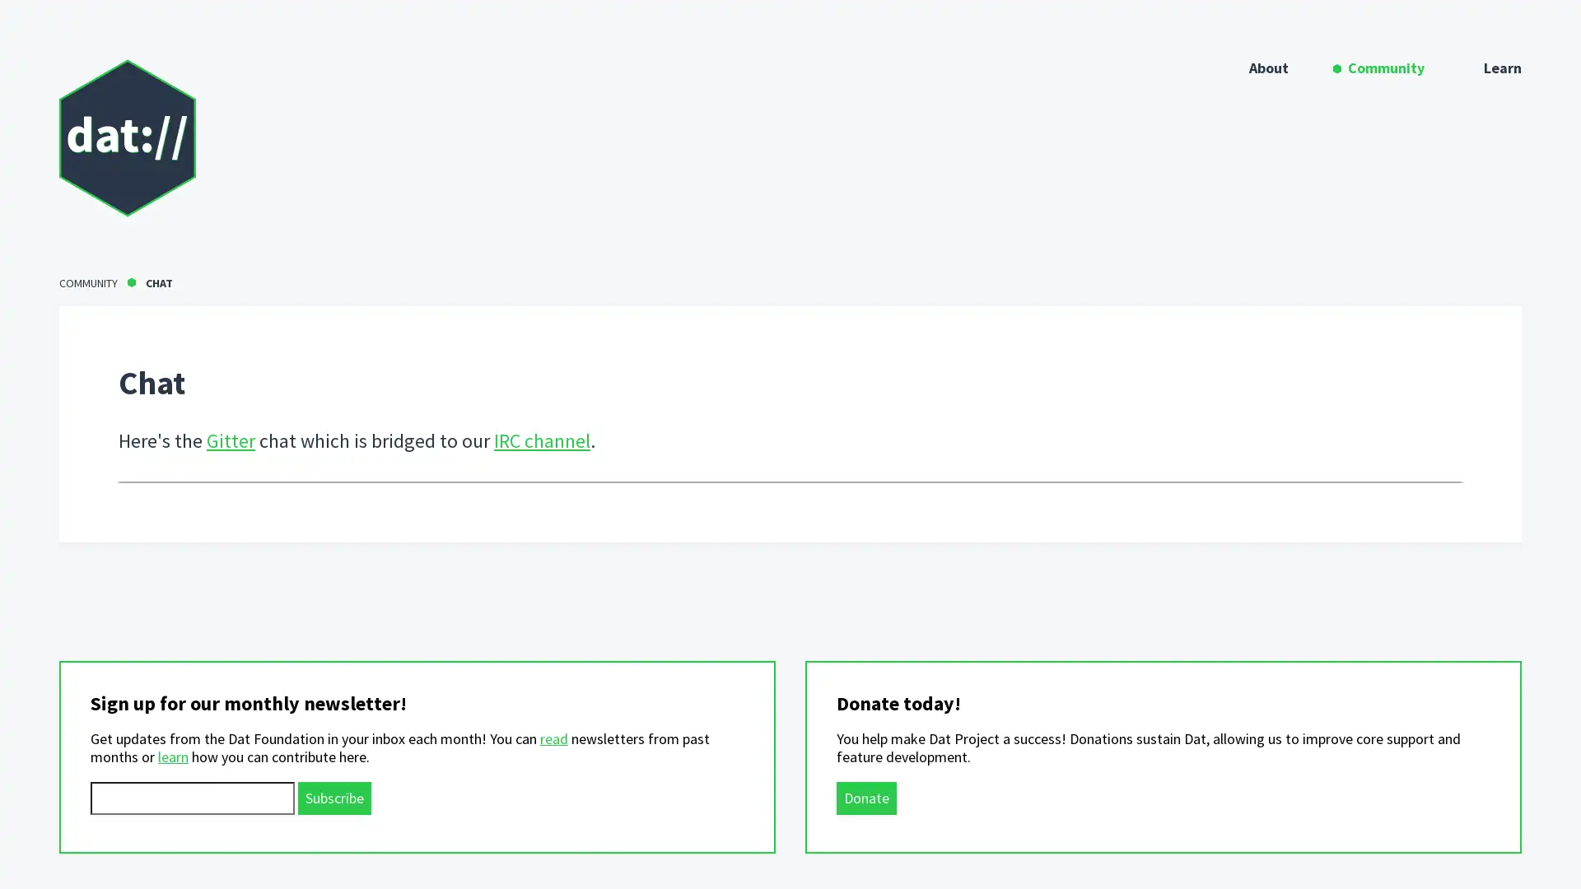 The image size is (1581, 889). I want to click on Subscribe, so click(333, 797).